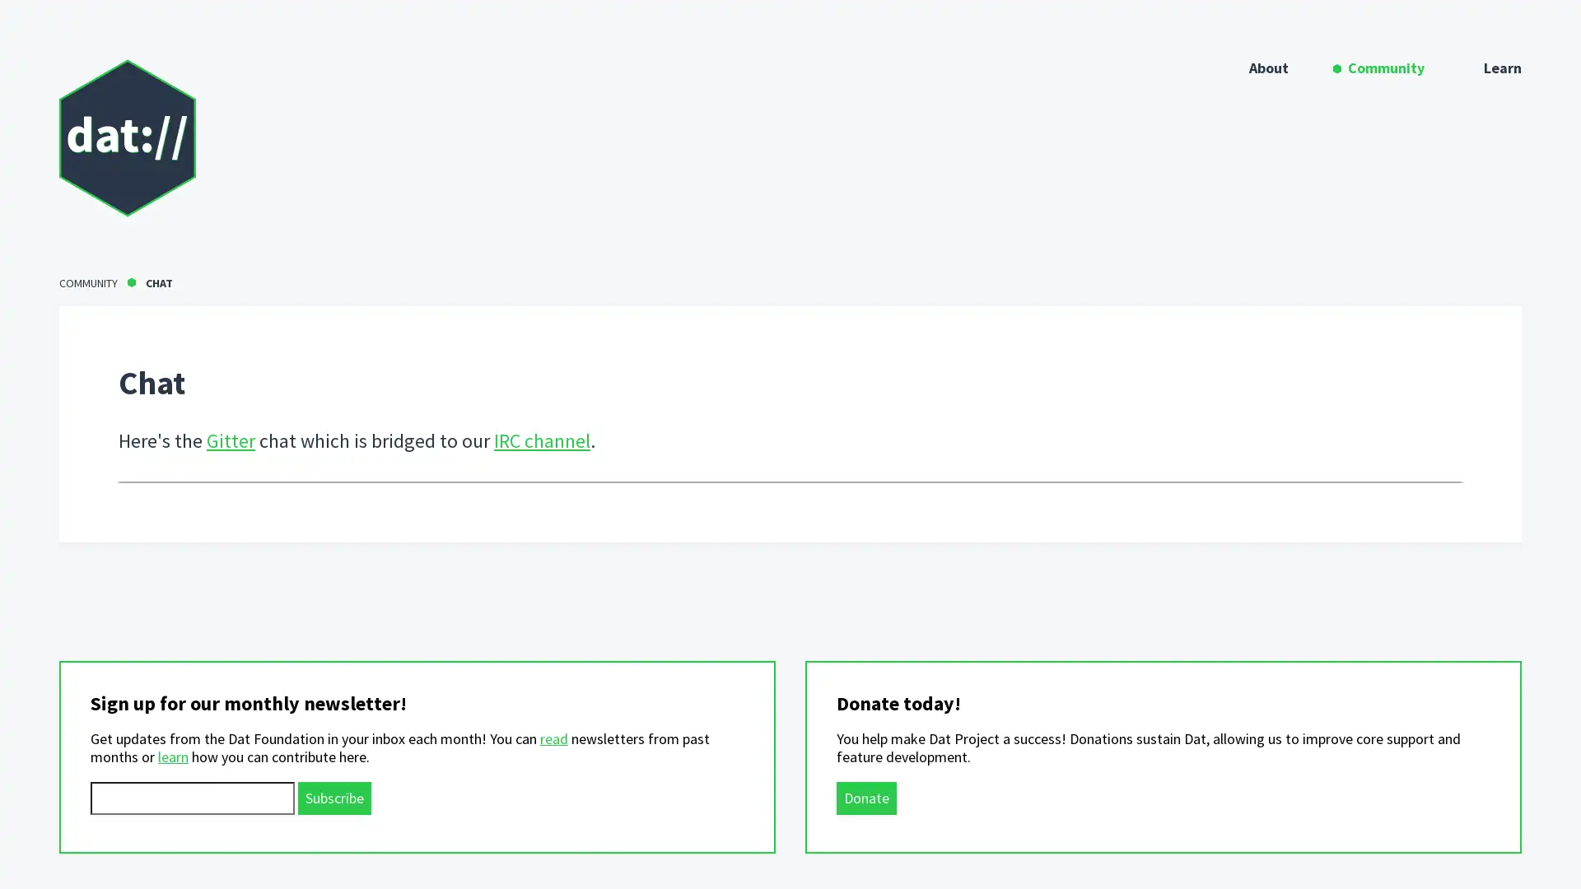 The image size is (1581, 889). I want to click on Subscribe, so click(333, 797).